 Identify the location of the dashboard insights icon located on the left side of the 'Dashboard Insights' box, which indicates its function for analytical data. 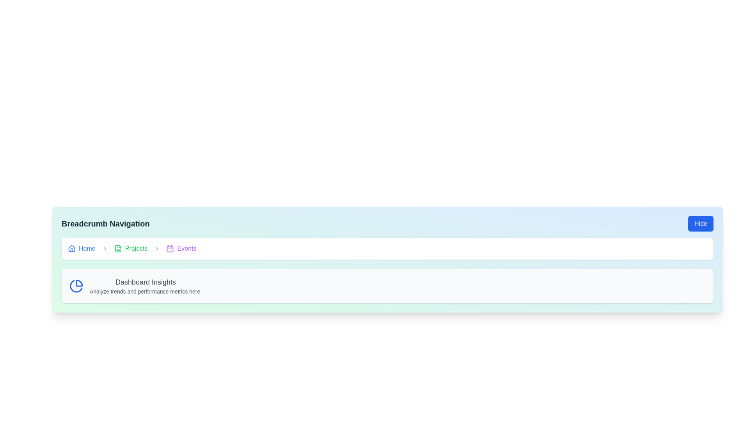
(76, 286).